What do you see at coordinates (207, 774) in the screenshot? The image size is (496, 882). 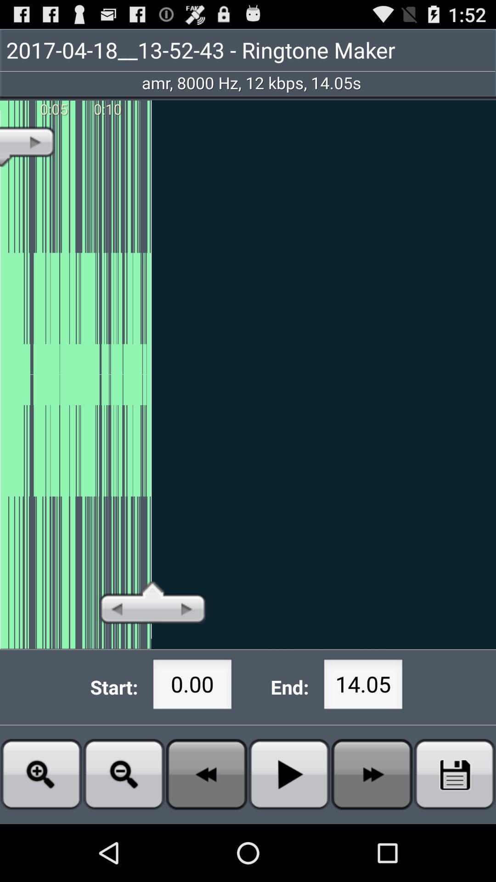 I see `rewinds track to a given interval` at bounding box center [207, 774].